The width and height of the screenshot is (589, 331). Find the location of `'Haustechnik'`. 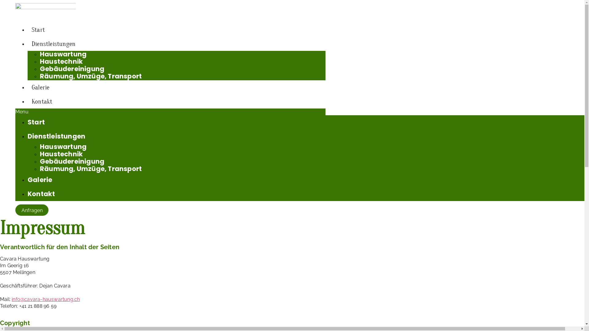

'Haustechnik' is located at coordinates (61, 61).